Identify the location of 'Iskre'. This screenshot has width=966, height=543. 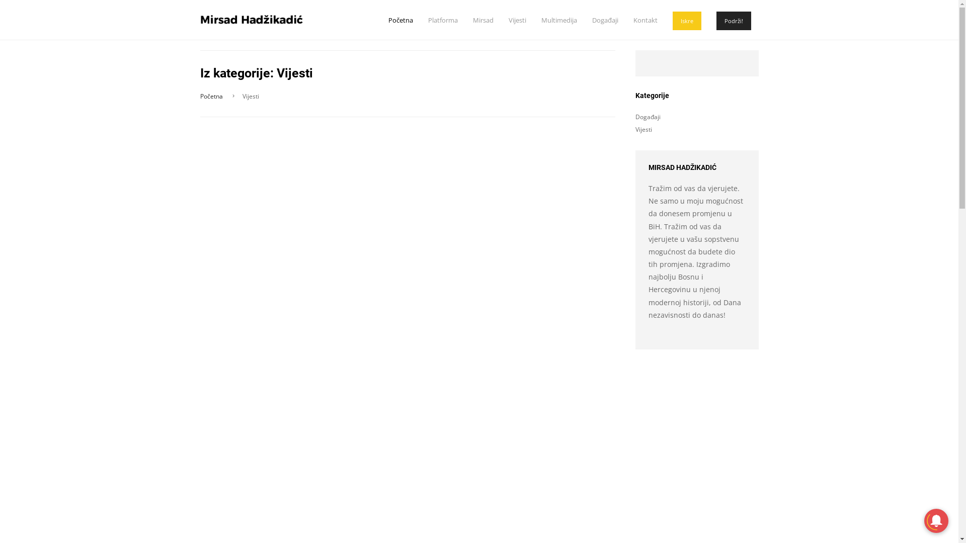
(686, 21).